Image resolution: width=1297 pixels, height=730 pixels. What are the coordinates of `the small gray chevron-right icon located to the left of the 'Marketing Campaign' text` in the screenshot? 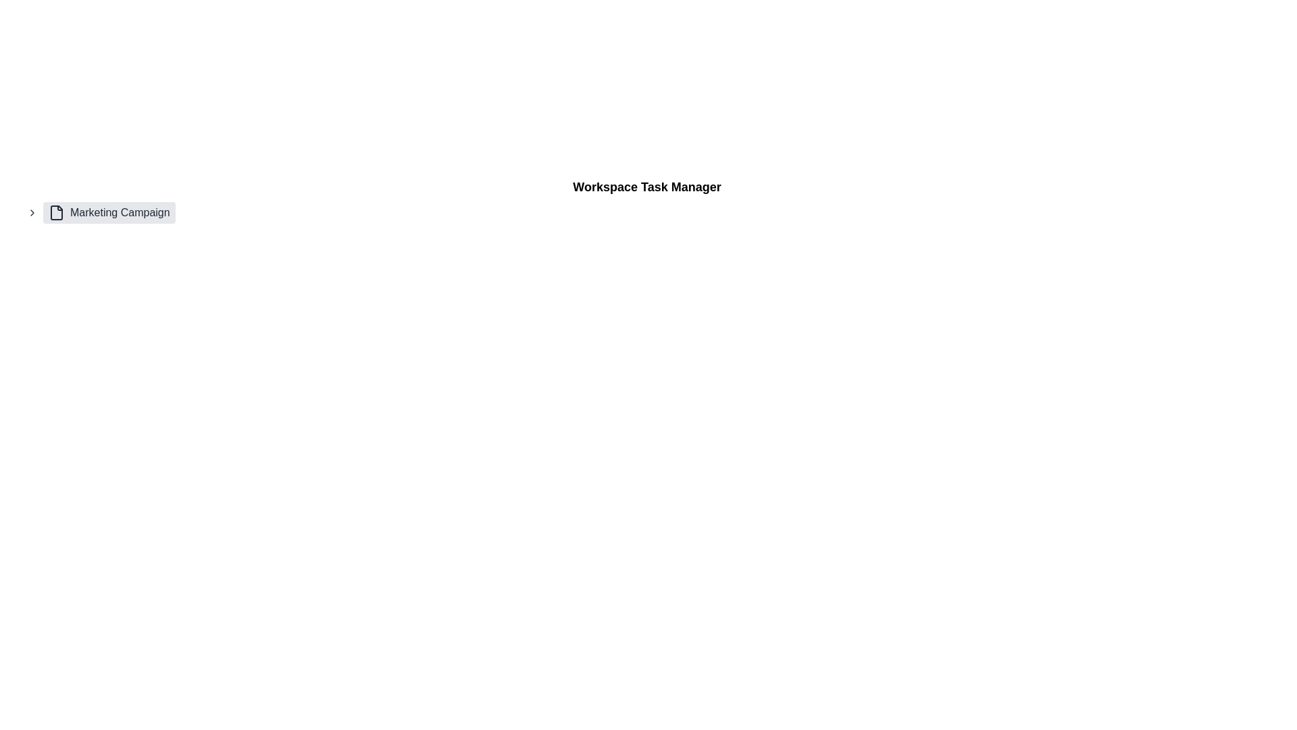 It's located at (32, 213).